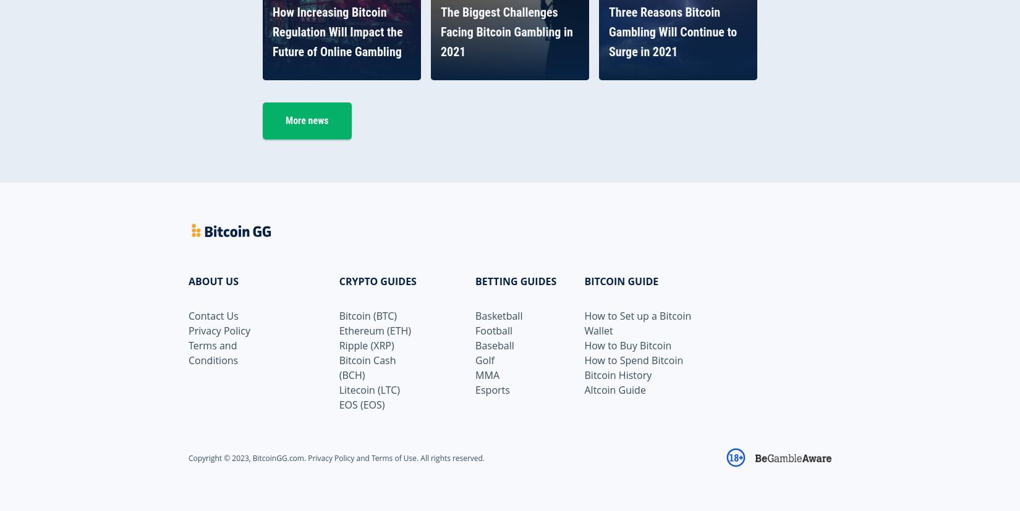  Describe the element at coordinates (188, 315) in the screenshot. I see `'Contact Us'` at that location.